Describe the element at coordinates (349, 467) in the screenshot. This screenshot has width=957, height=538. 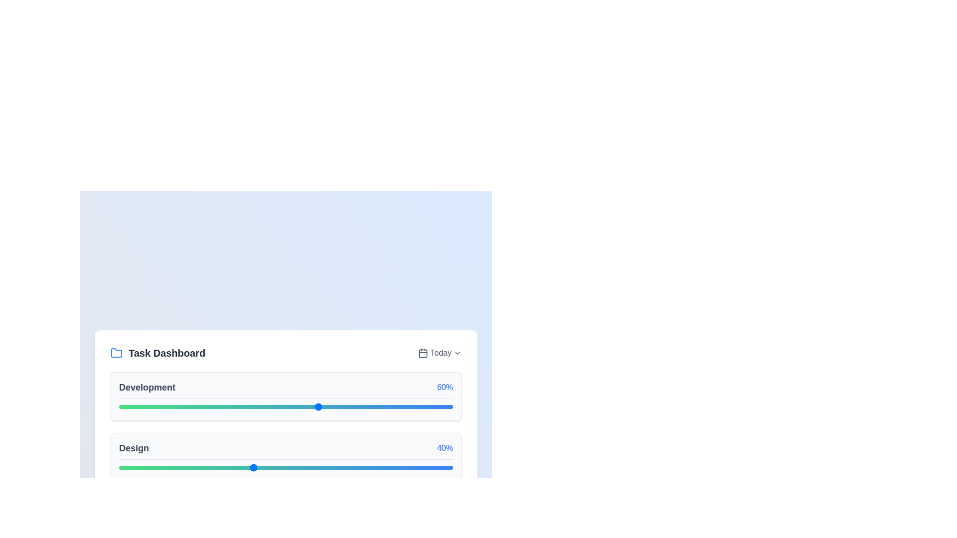
I see `the progress of the 'Design' slider` at that location.